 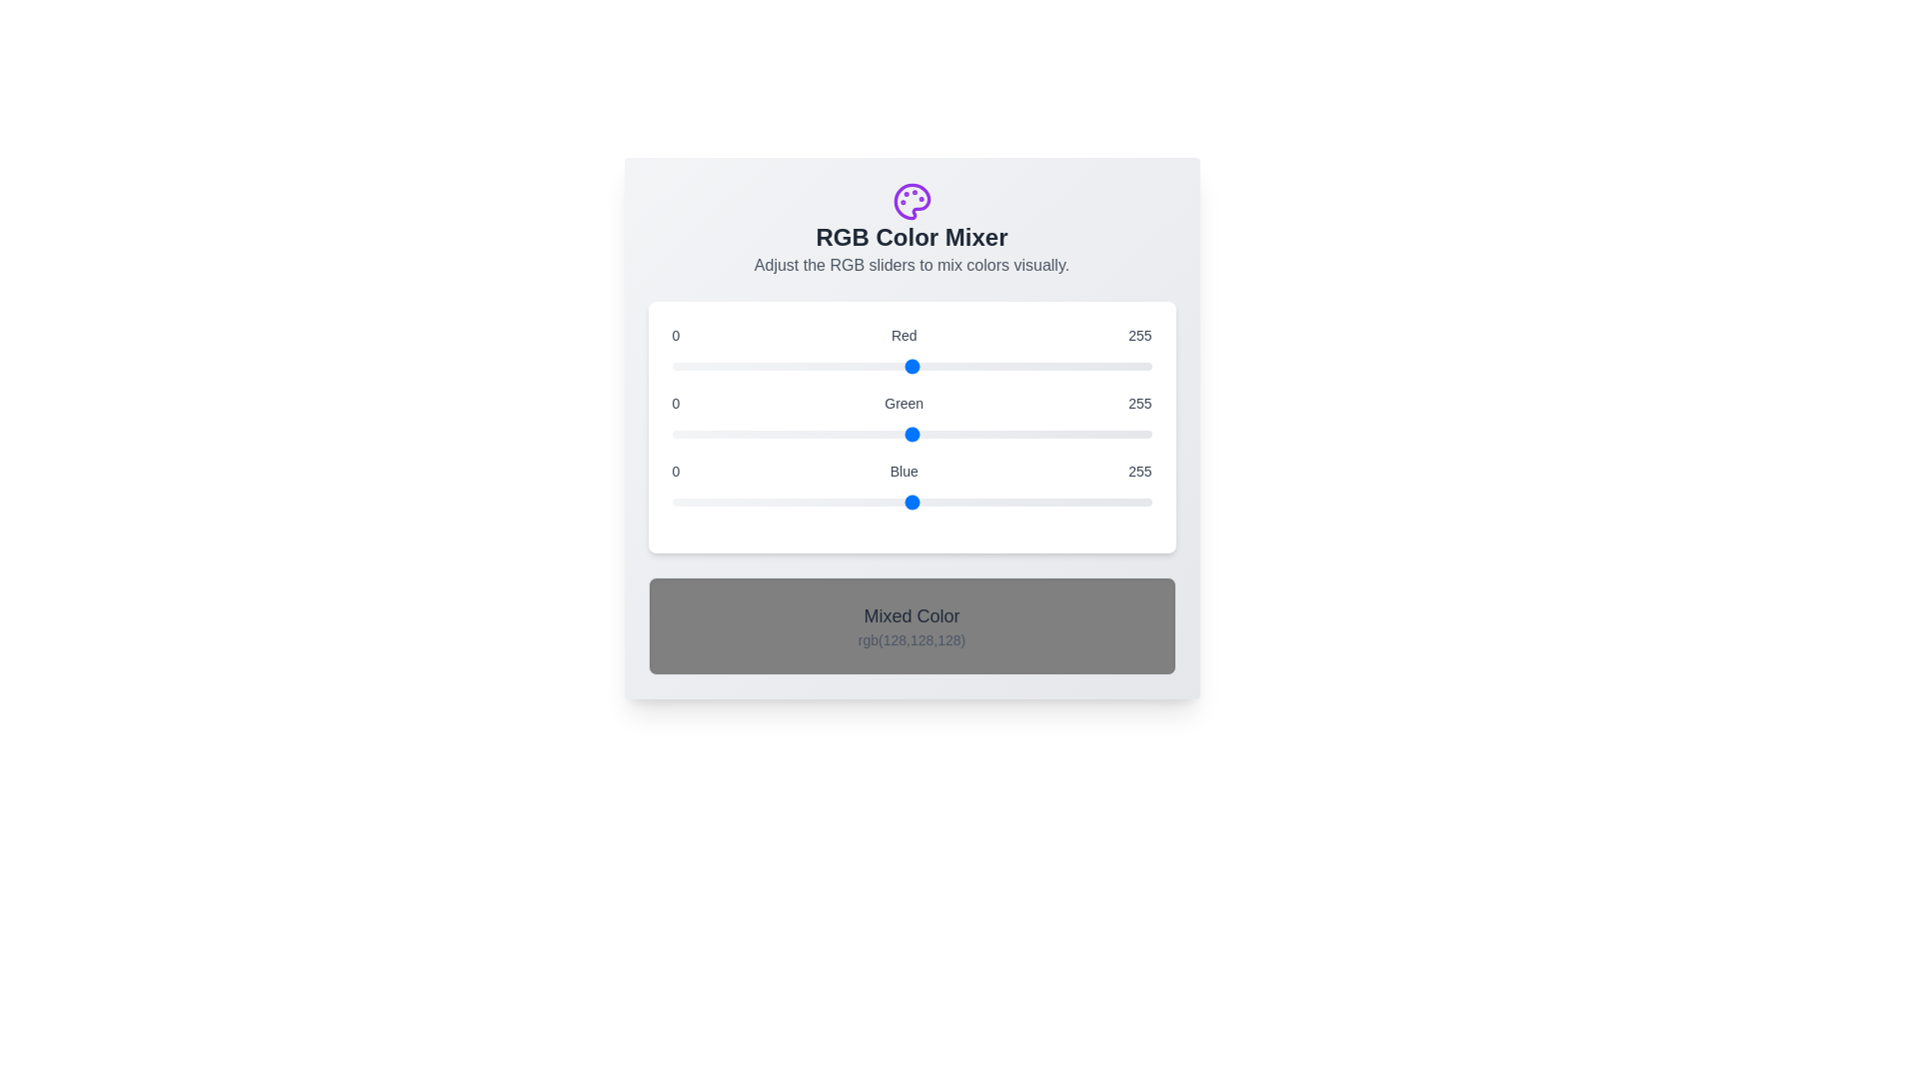 I want to click on the blue slider to a specific value 155 within the range 0 to 255, so click(x=963, y=501).